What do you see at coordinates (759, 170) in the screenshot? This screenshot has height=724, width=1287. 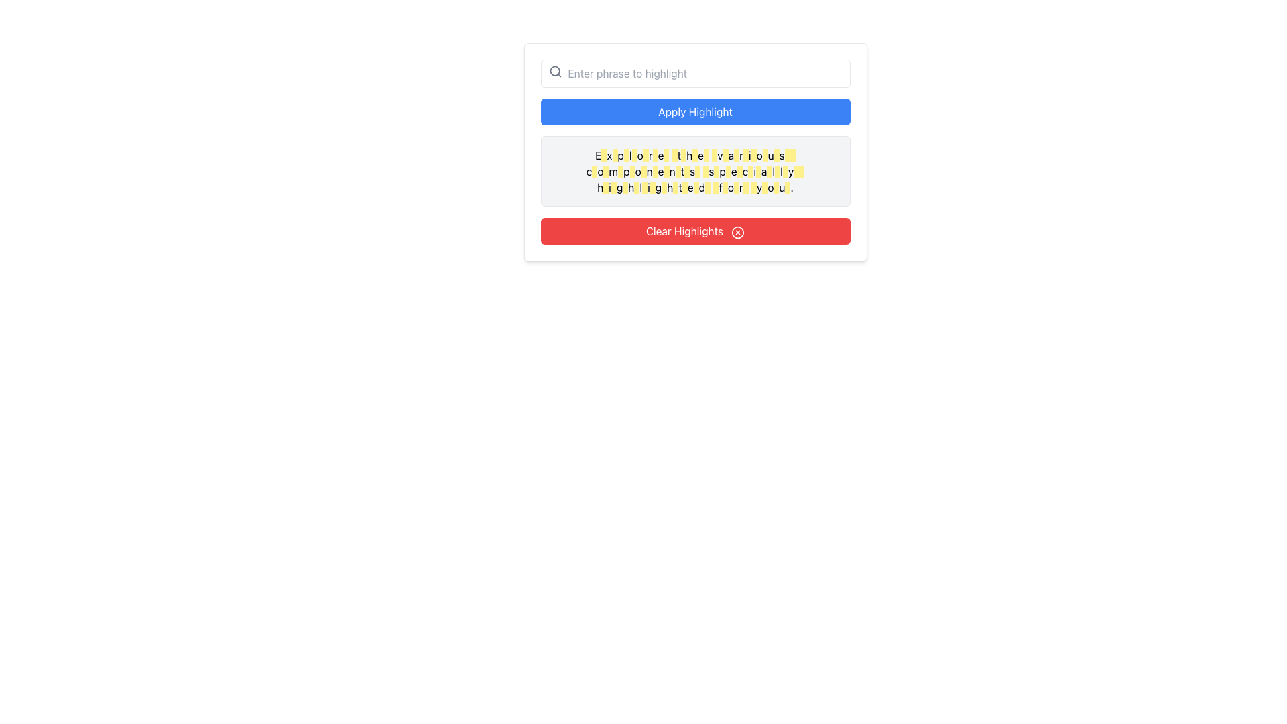 I see `the text-highlight component that is part of the word 'specially' with a yellow background and white text, located between the 'Apply Highlight' button and the 'Clear Highlights' button` at bounding box center [759, 170].